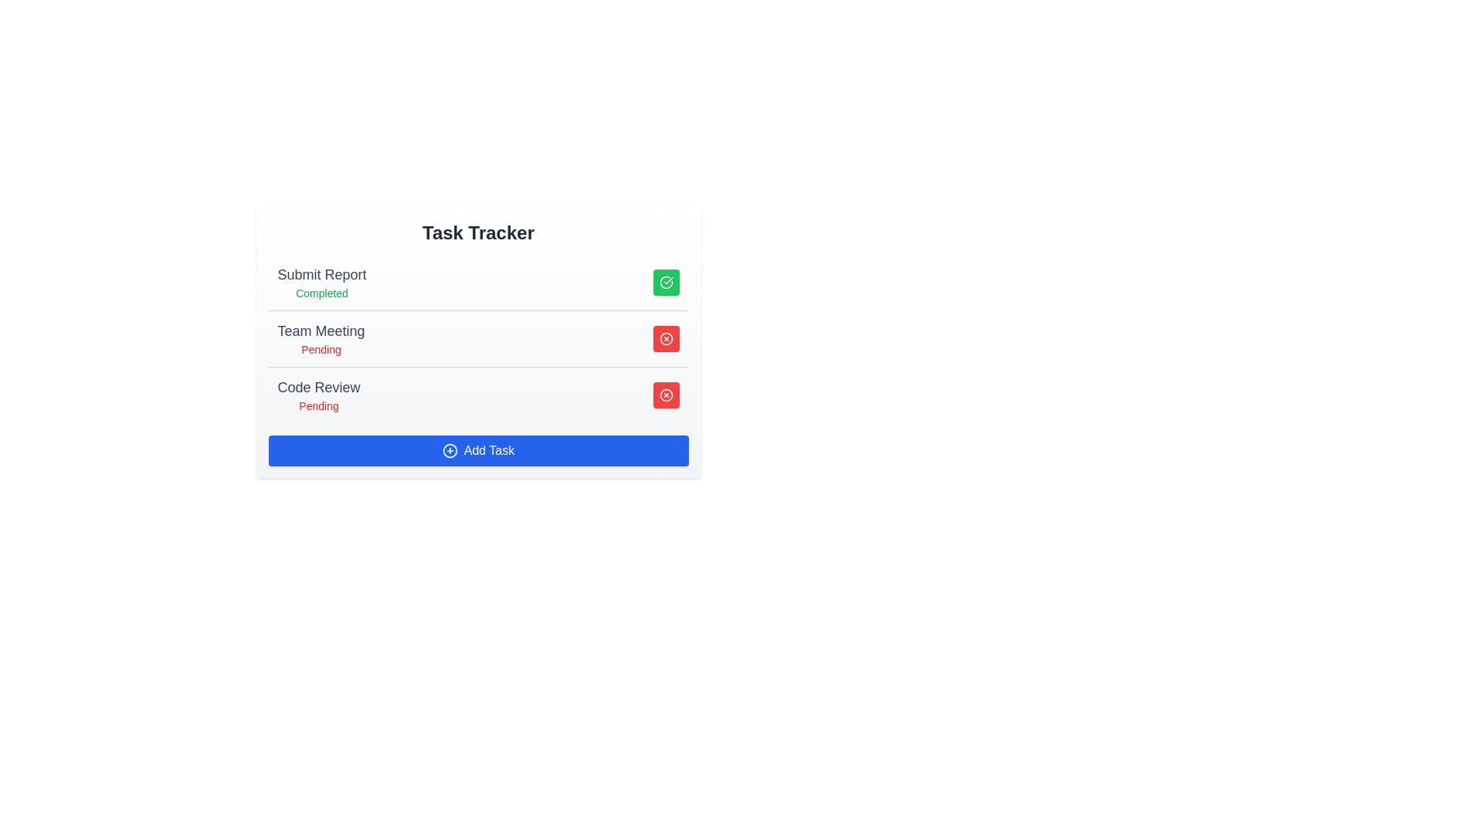 The width and height of the screenshot is (1483, 834). What do you see at coordinates (317, 395) in the screenshot?
I see `the text display element that shows 'Code Review' in dark gray and 'Pending' in red, located in the third task entry of the task tracker interface` at bounding box center [317, 395].